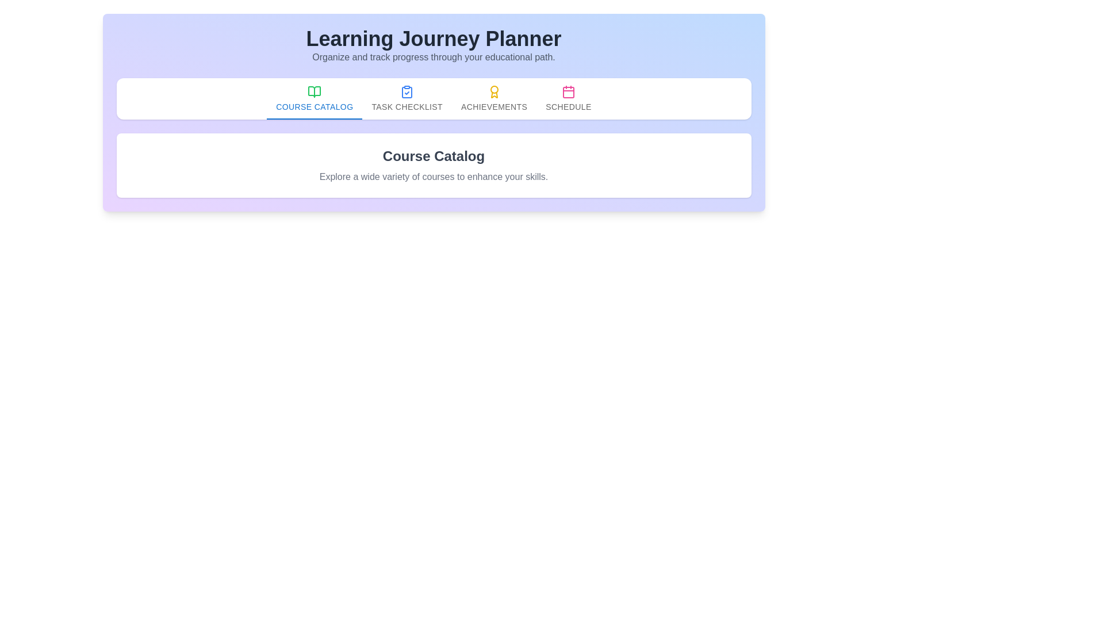  I want to click on bold text element that says 'Course Catalog', which is centrally located at the top of the section on a lighter background, so click(433, 156).